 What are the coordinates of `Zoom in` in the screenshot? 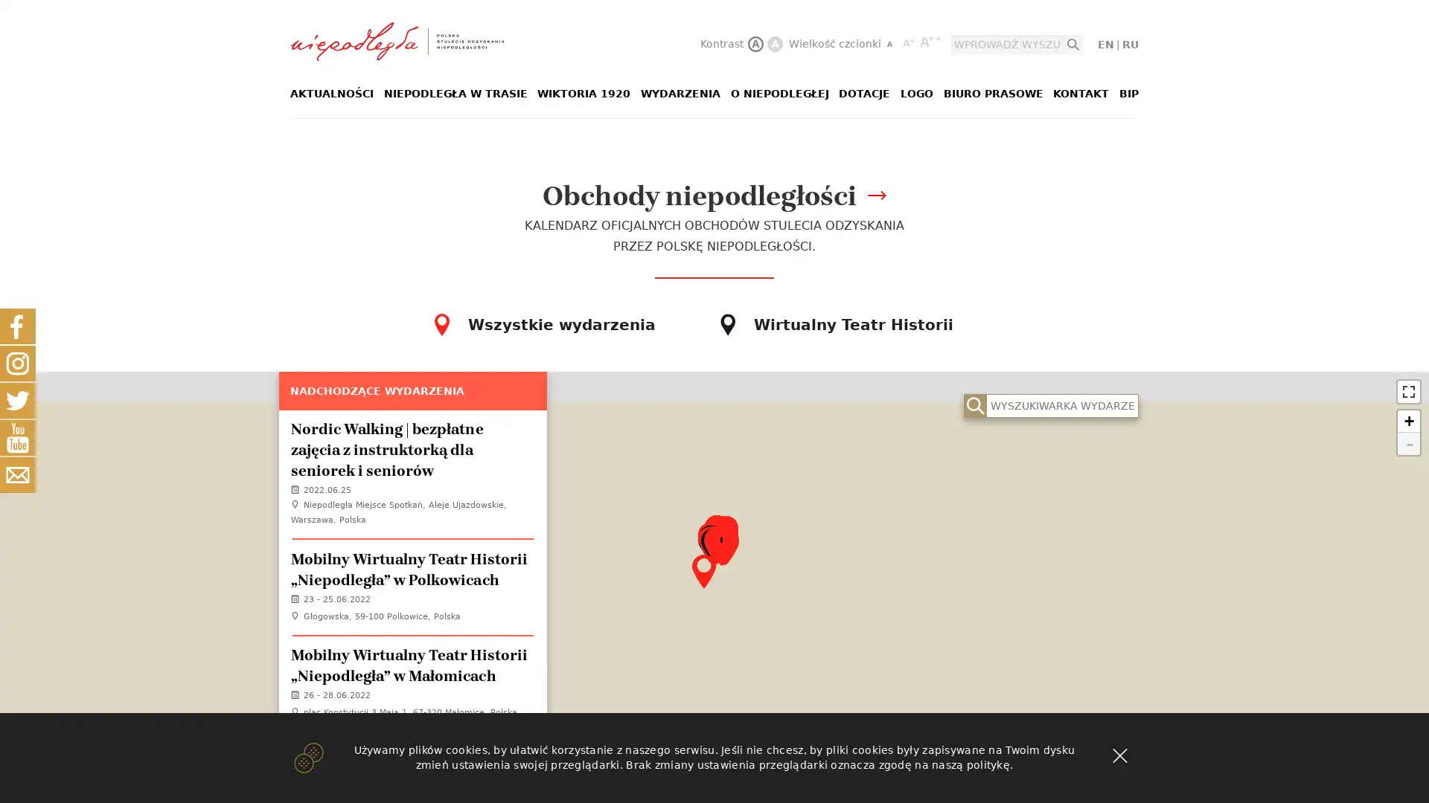 It's located at (1407, 421).